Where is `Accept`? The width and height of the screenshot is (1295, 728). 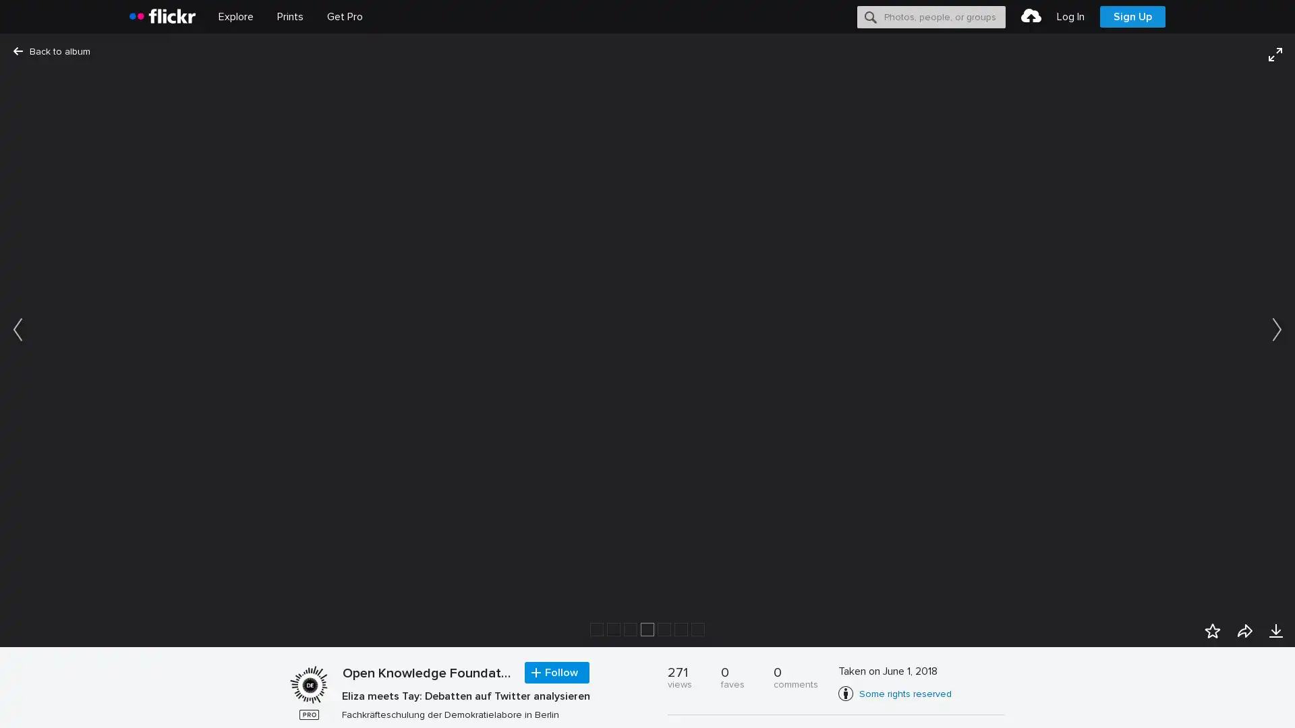 Accept is located at coordinates (1029, 702).